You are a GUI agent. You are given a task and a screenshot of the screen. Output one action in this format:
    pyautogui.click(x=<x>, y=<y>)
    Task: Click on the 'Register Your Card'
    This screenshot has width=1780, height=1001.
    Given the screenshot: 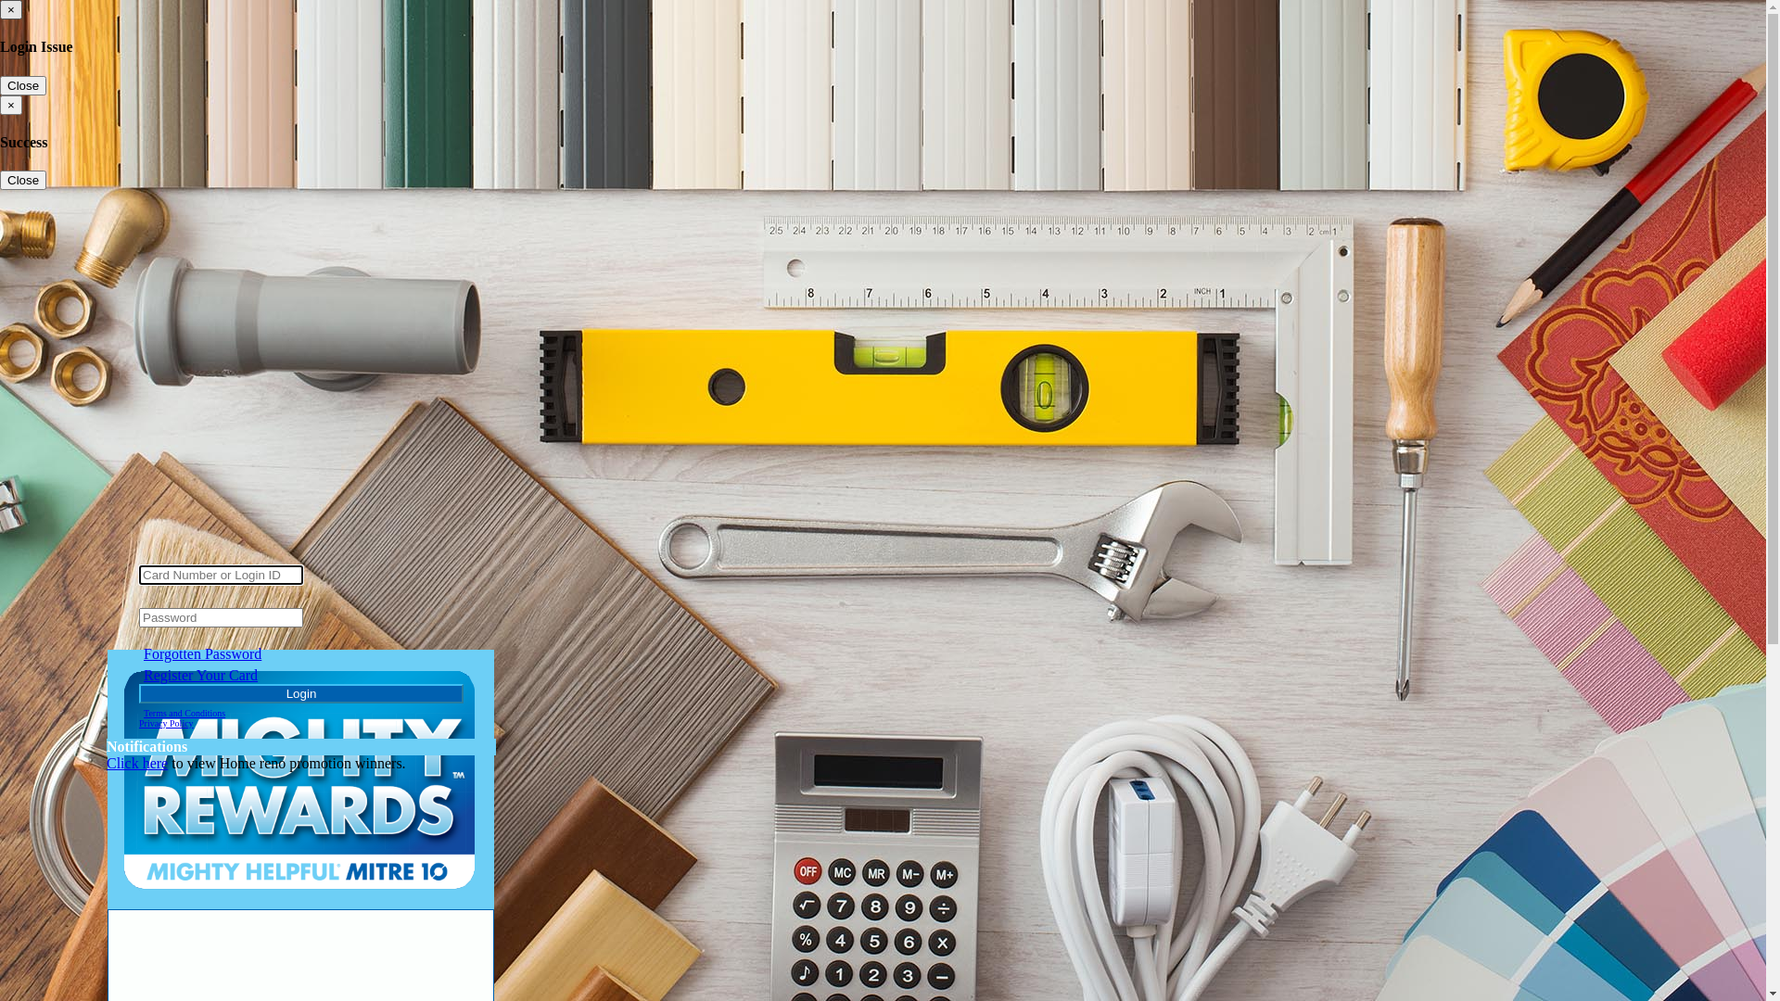 What is the action you would take?
    pyautogui.click(x=200, y=675)
    